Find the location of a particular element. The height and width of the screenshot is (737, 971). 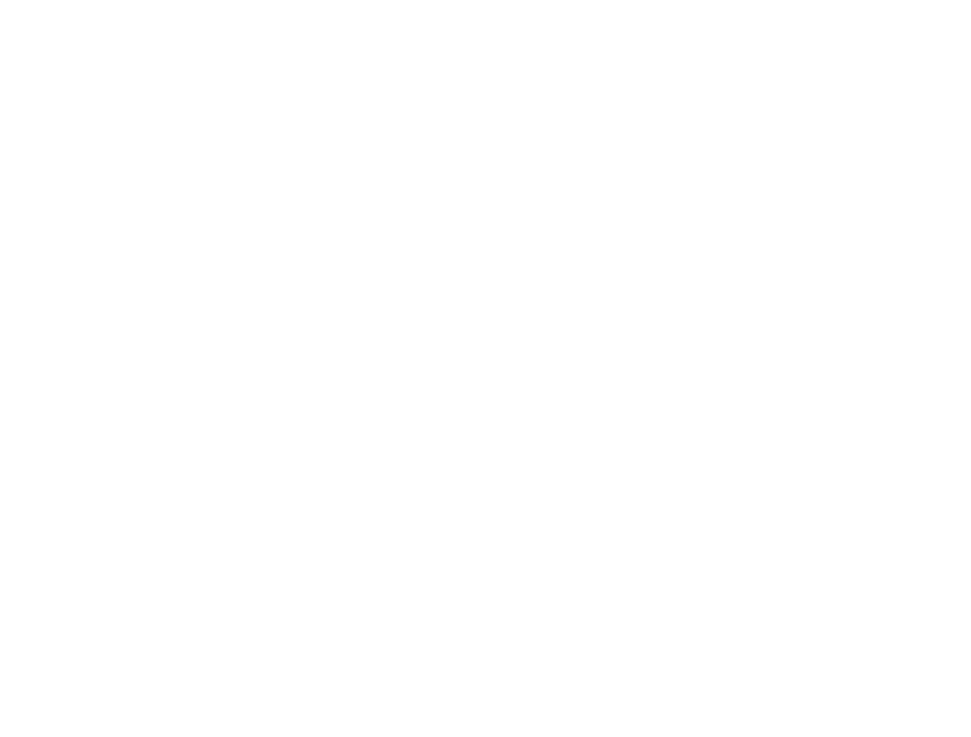

'Ashoka SPA' is located at coordinates (430, 609).